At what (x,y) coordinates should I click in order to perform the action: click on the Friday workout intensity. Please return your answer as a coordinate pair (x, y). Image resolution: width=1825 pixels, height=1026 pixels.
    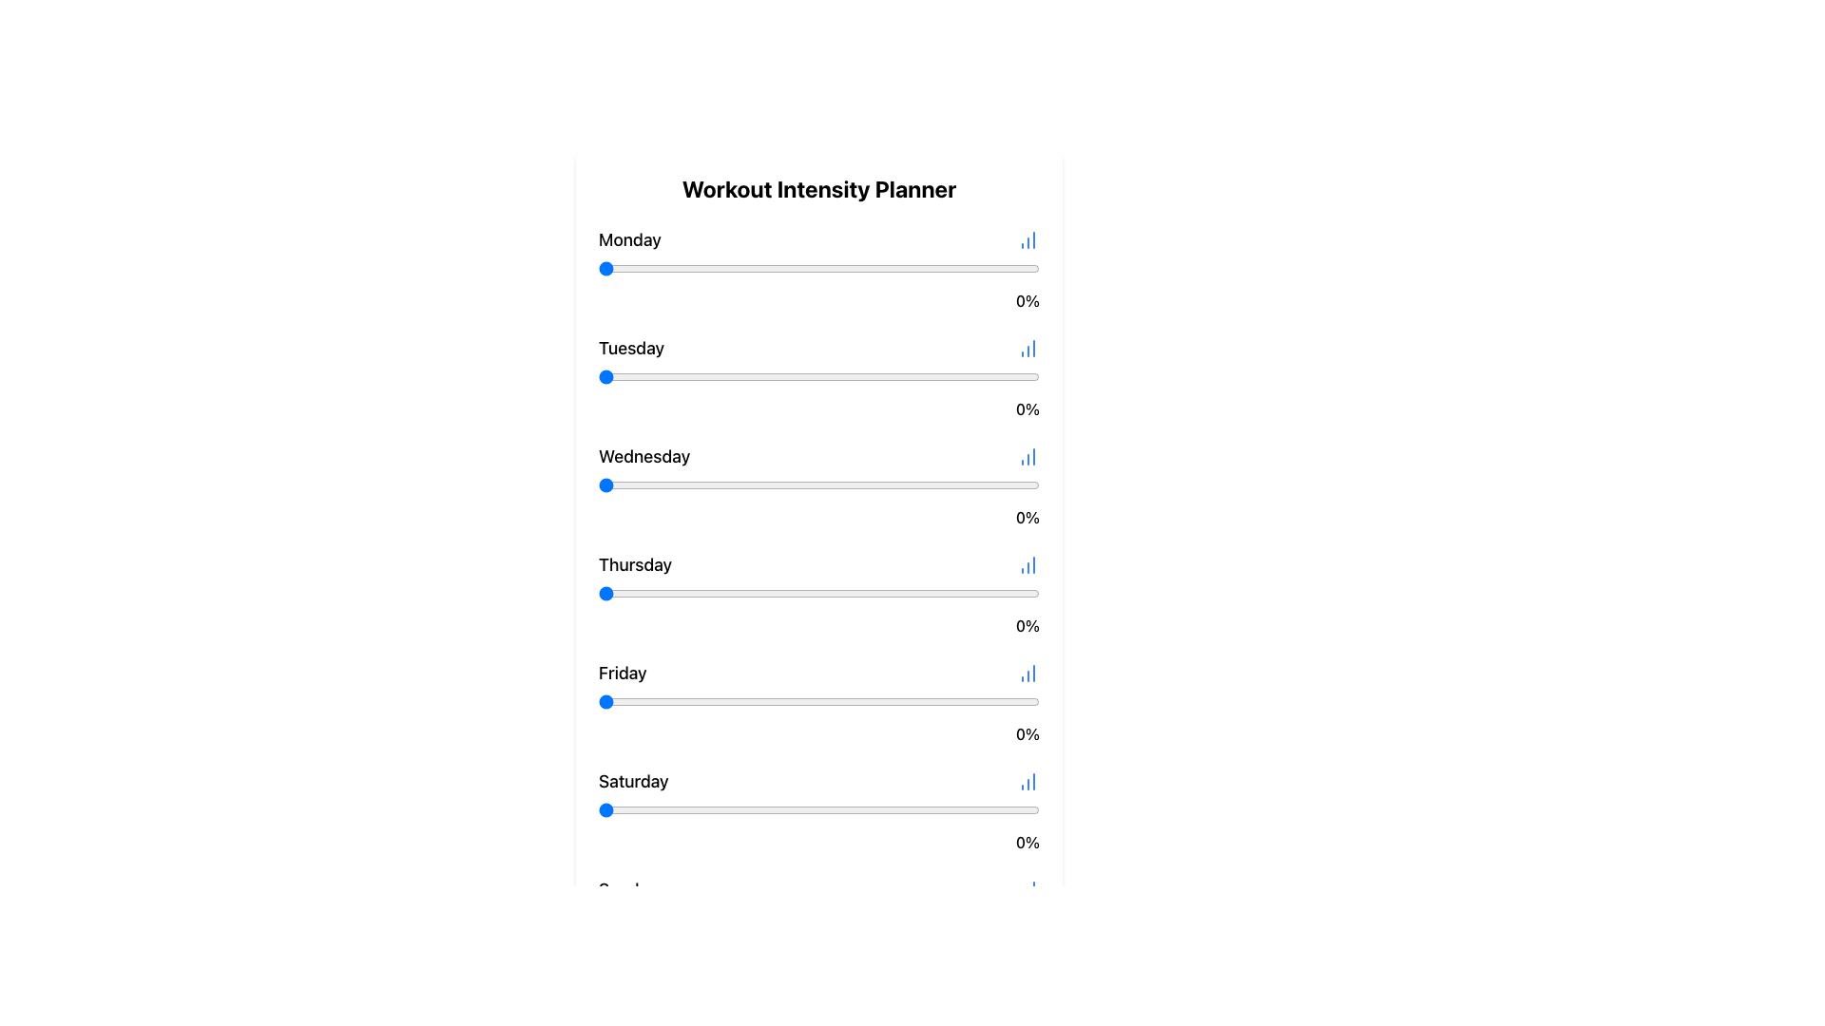
    Looking at the image, I should click on (783, 702).